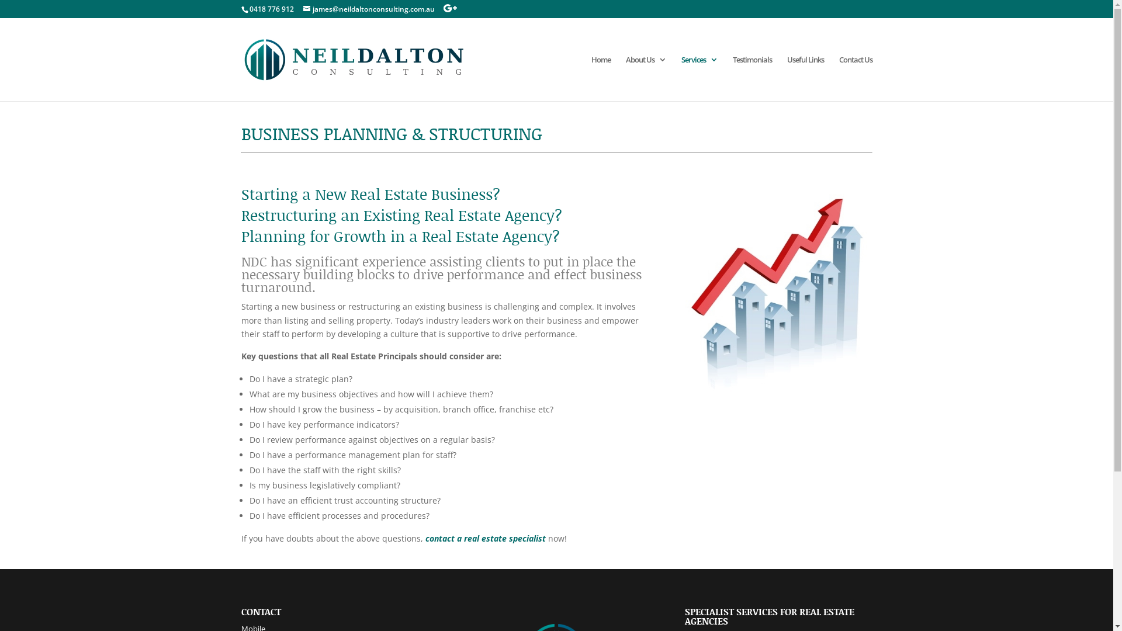 Image resolution: width=1122 pixels, height=631 pixels. I want to click on 'Services', so click(699, 78).